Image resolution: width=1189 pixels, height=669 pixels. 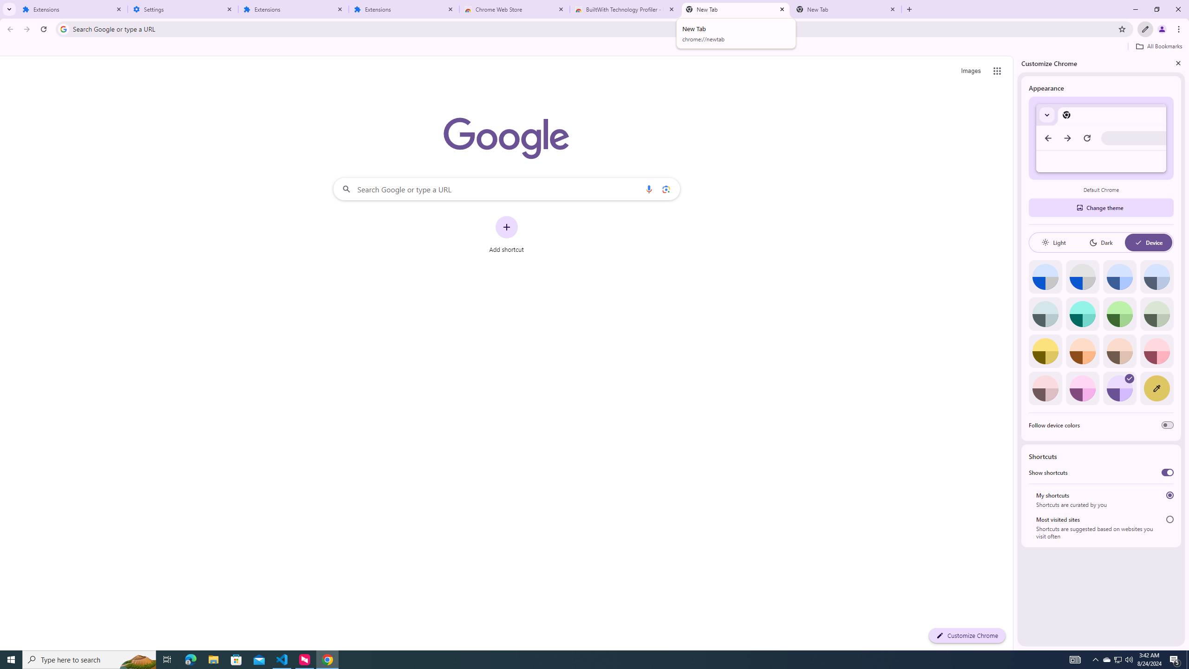 What do you see at coordinates (971, 71) in the screenshot?
I see `'Search for Images '` at bounding box center [971, 71].